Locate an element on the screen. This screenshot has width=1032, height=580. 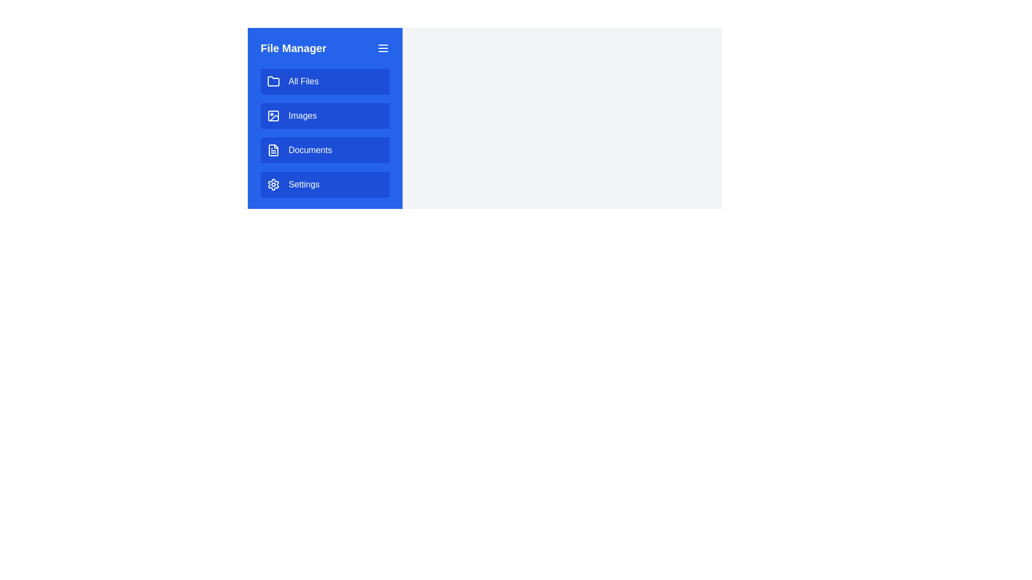
the navigation menu item labeled All Files is located at coordinates (324, 81).